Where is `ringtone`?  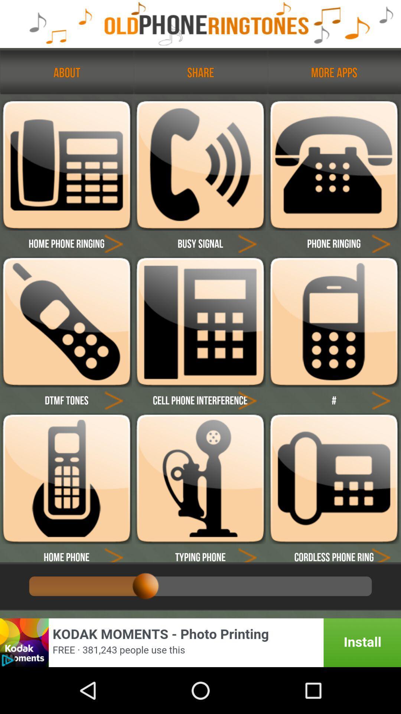
ringtone is located at coordinates (381, 243).